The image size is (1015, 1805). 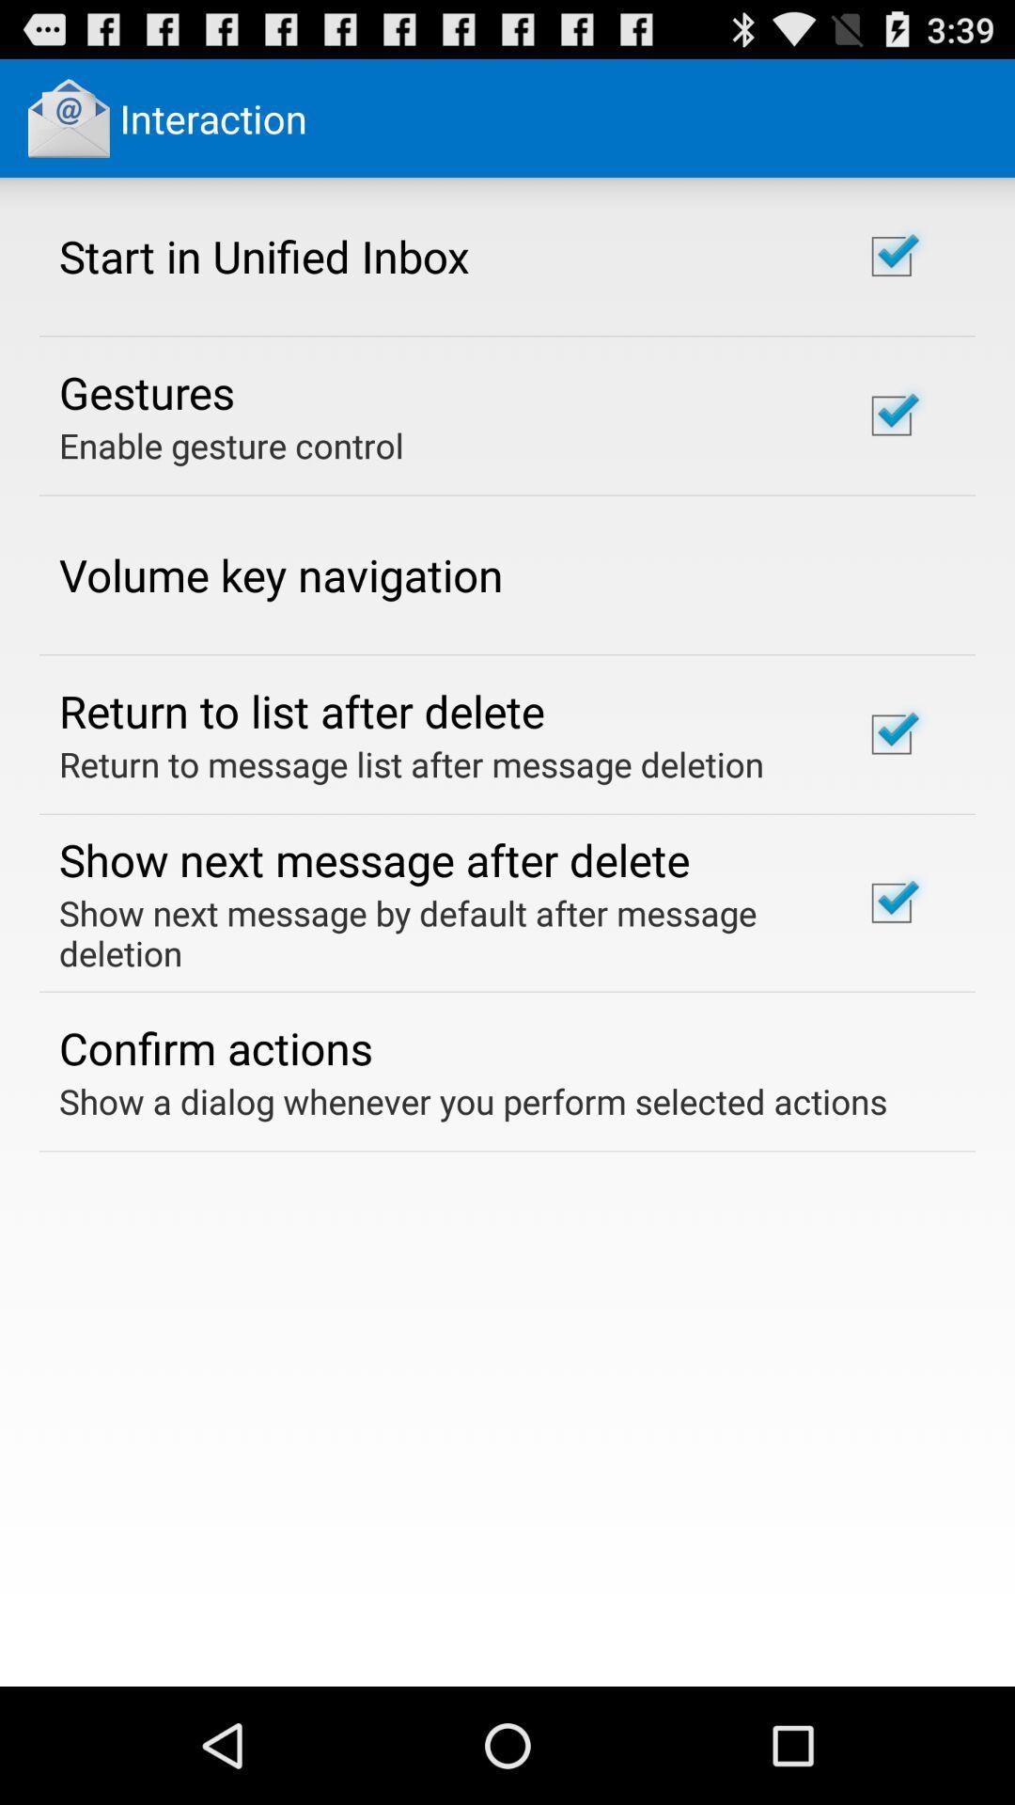 What do you see at coordinates (890, 415) in the screenshot?
I see `the second check box from top` at bounding box center [890, 415].